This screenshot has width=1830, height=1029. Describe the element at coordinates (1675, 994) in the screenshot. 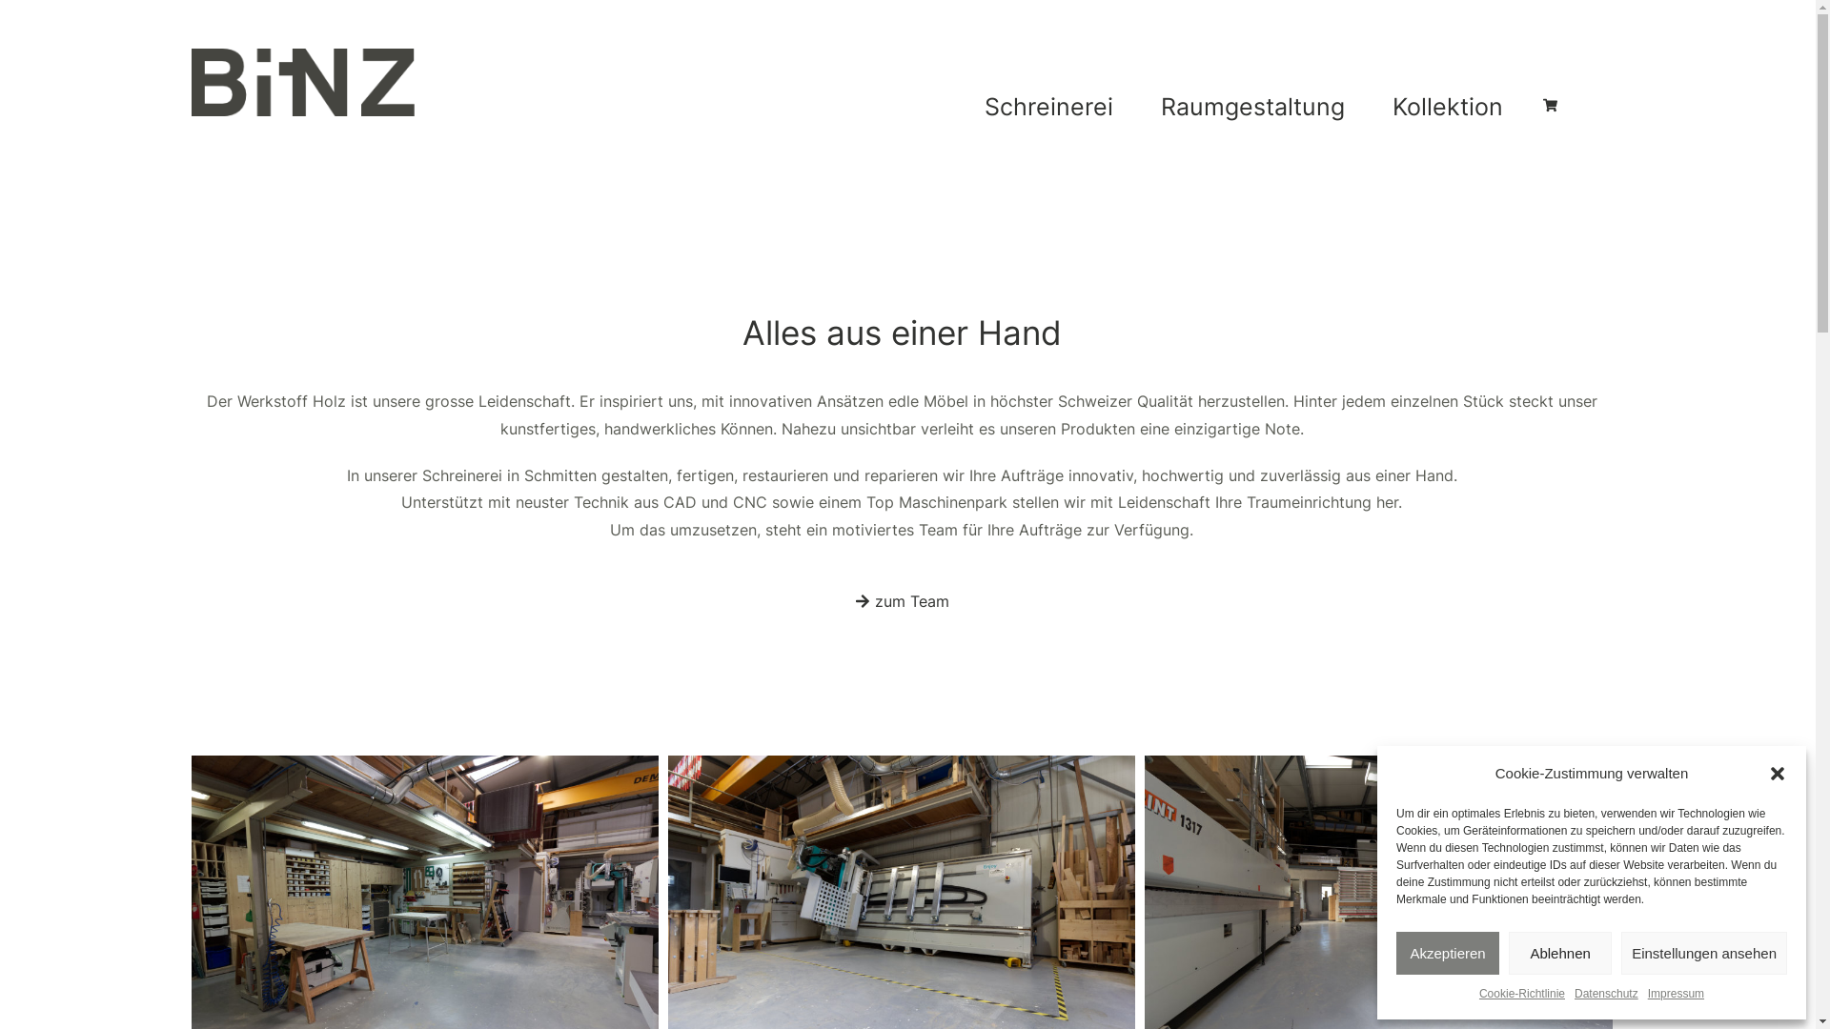

I see `'Impressum'` at that location.